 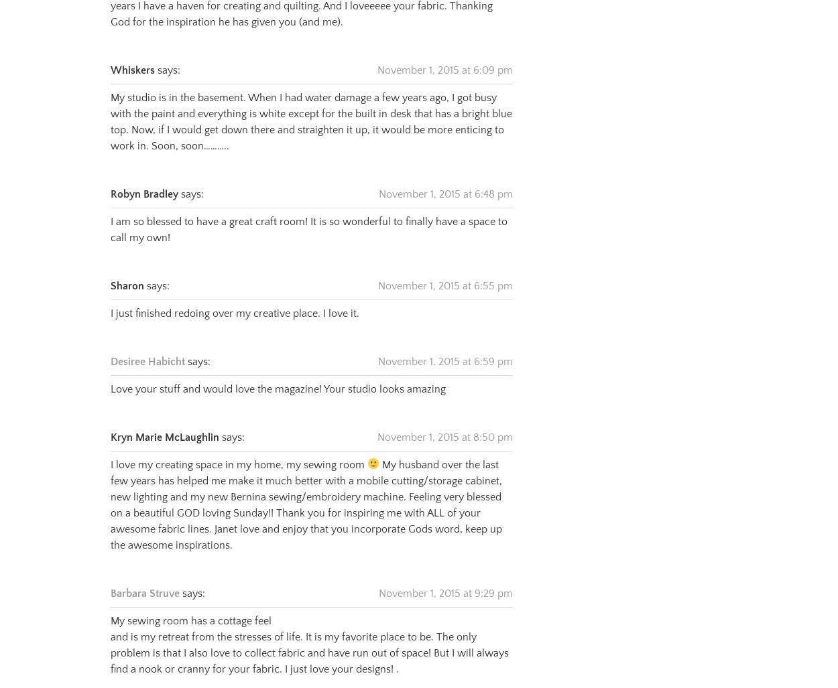 I want to click on 'Kryn Marie McLaughlin', so click(x=164, y=421).